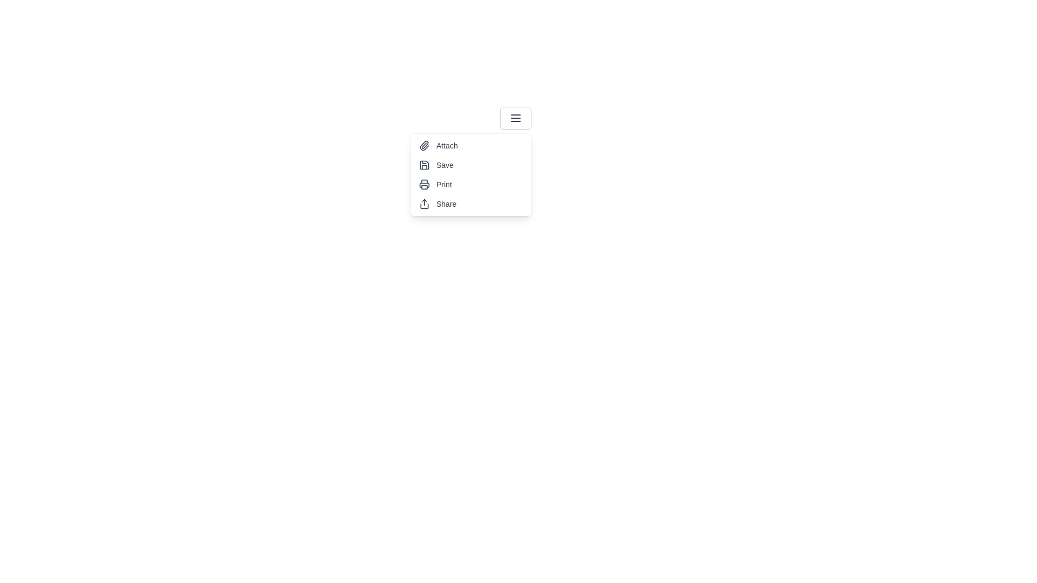 The width and height of the screenshot is (1037, 583). I want to click on the 'Save' icon/image located in the vertical menu of options, which is the first visual element in the second row, aligned horizontally to the left of the label text 'Save', so click(424, 165).